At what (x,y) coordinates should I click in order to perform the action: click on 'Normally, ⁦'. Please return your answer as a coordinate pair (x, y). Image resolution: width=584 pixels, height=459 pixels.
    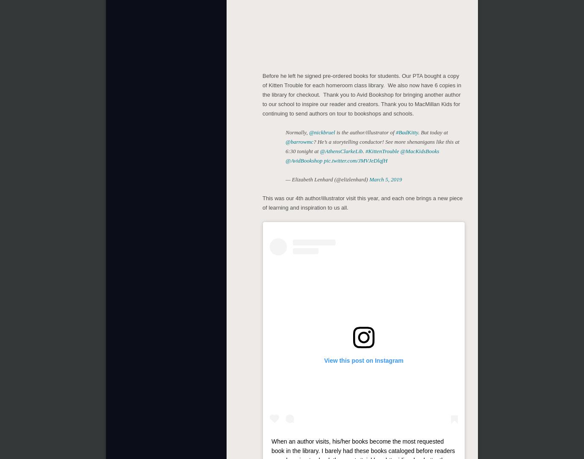
    Looking at the image, I should click on (297, 132).